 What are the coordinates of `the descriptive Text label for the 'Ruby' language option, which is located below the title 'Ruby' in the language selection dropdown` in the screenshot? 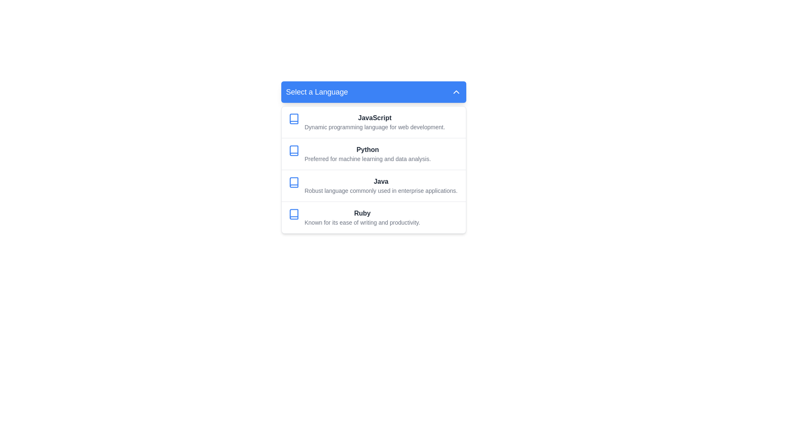 It's located at (362, 222).